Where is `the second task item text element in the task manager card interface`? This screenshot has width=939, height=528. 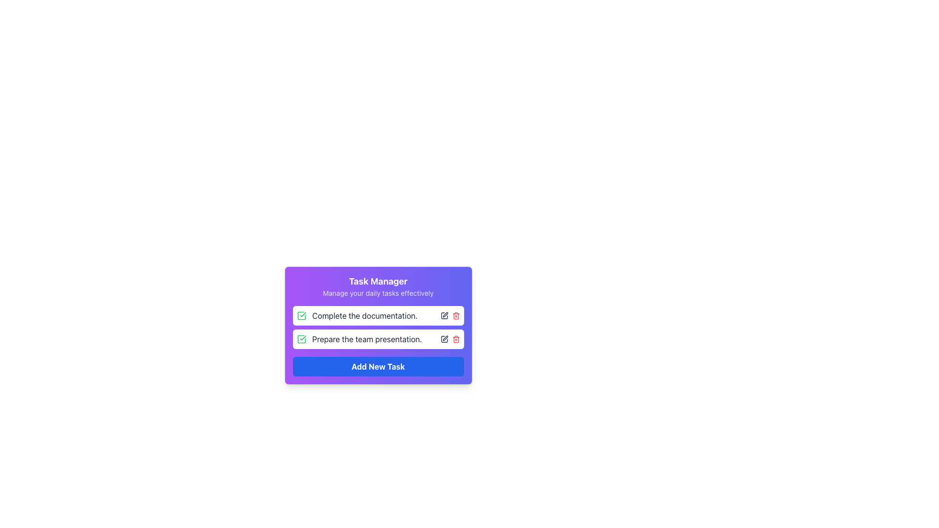
the second task item text element in the task manager card interface is located at coordinates (366, 339).